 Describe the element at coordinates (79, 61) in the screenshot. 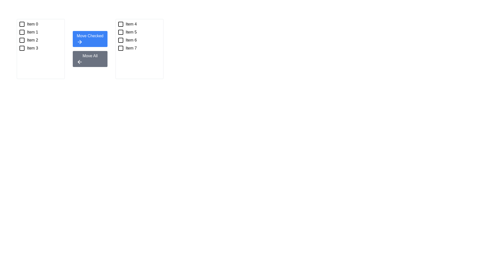

I see `the leftward arrow icon within the 'Move All' button located at the bottom center of the layout` at that location.